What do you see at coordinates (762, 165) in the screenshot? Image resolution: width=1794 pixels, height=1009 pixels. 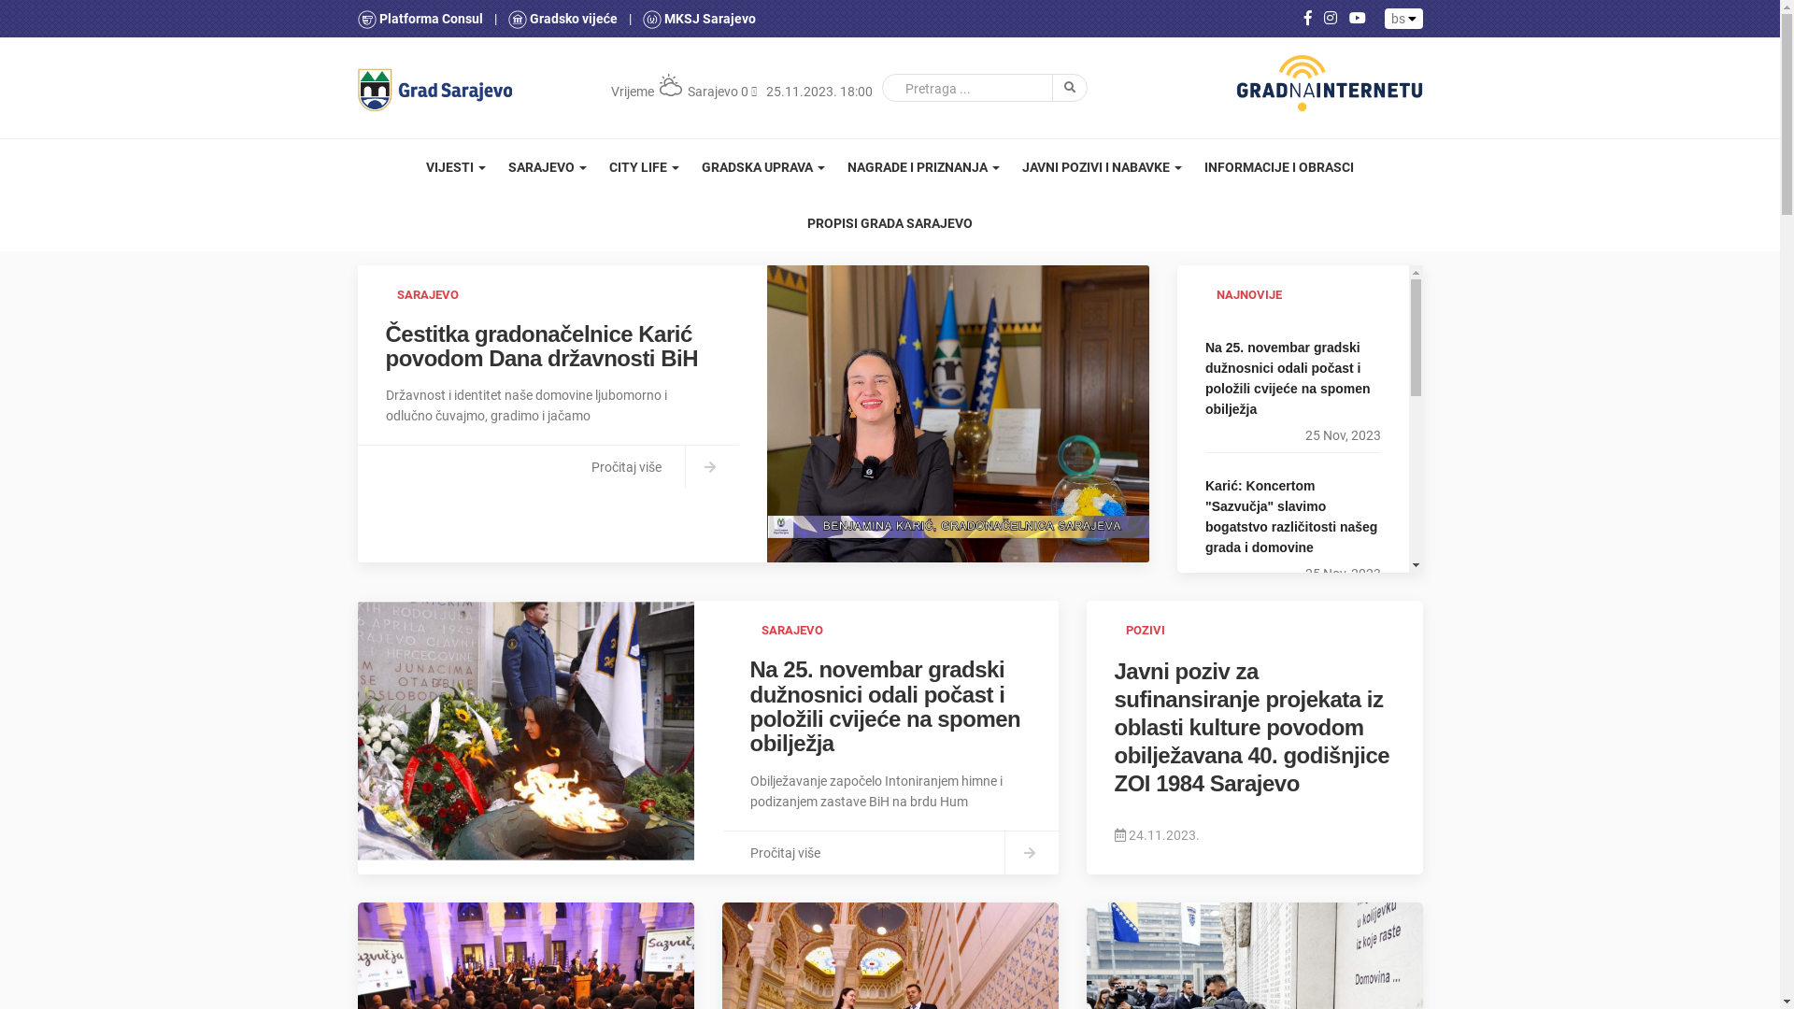 I see `'GRADSKA UPRAVA'` at bounding box center [762, 165].